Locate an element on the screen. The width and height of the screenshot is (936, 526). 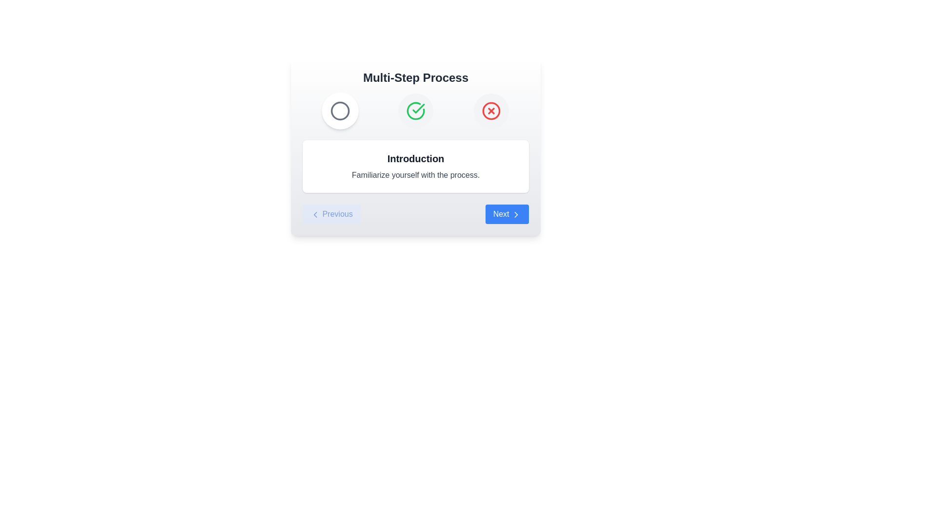
the 'Next' button to proceed to the next step is located at coordinates (507, 213).